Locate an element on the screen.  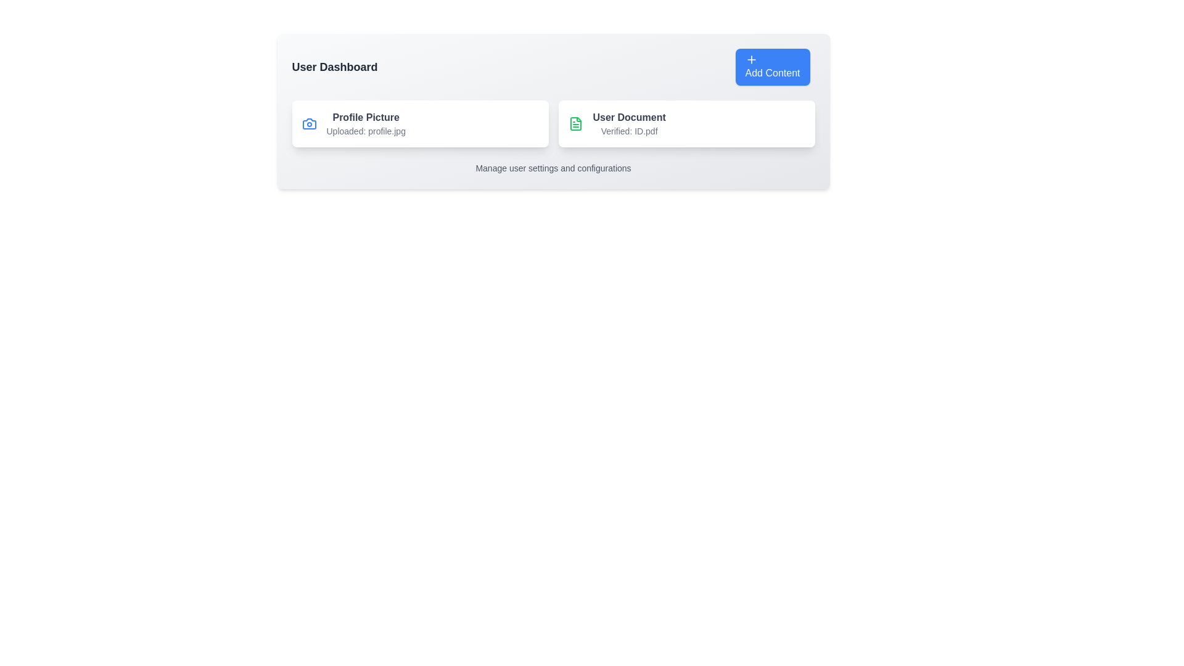
the 'User Dashboard' text label which serves as the header indicating the current page context is located at coordinates (334, 67).